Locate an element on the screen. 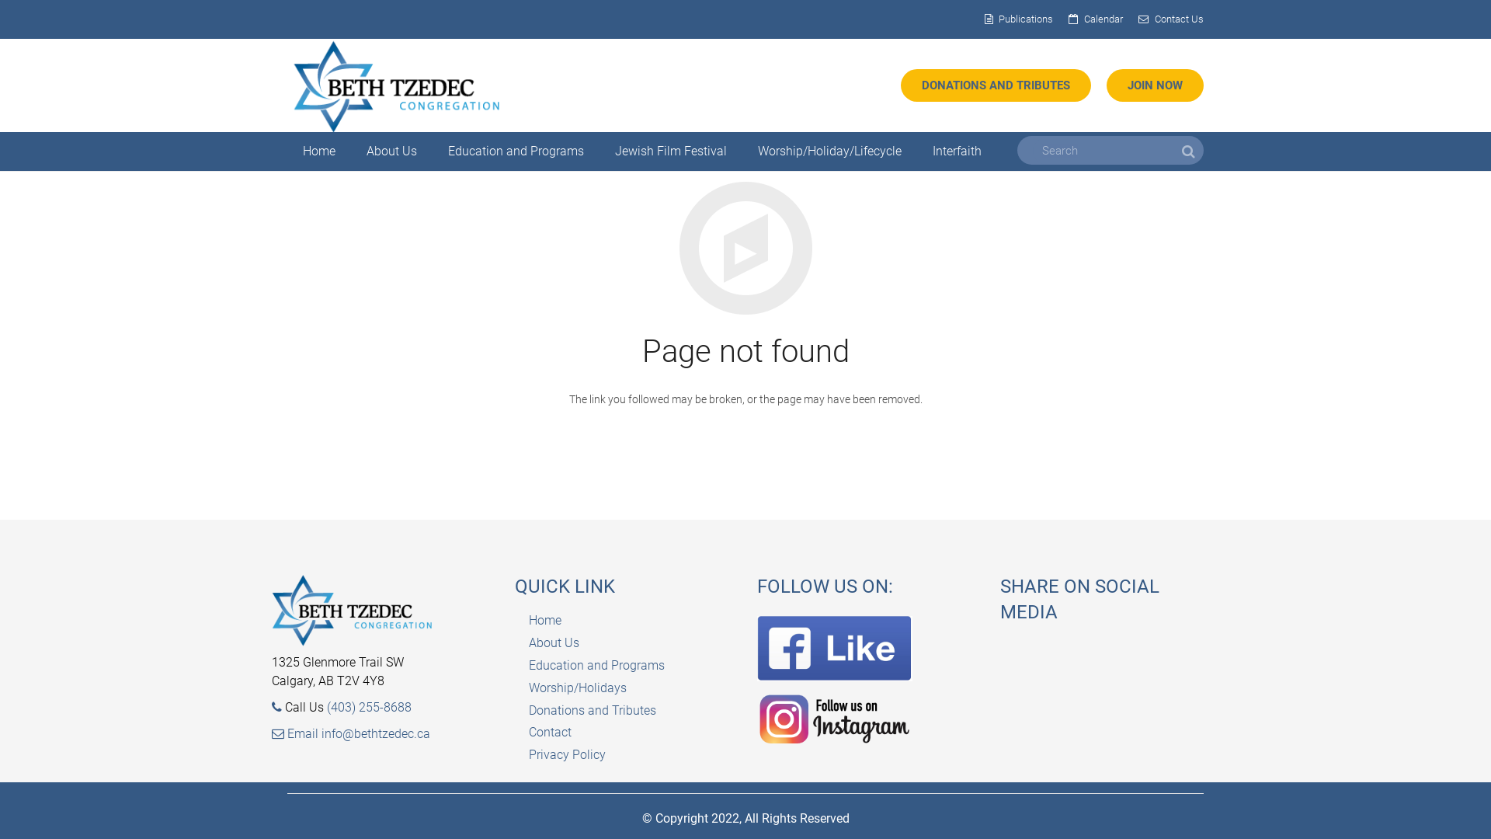 This screenshot has width=1491, height=839. 'Home' is located at coordinates (318, 151).